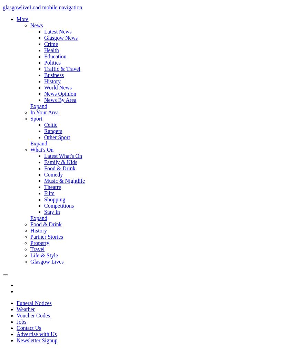  Describe the element at coordinates (49, 193) in the screenshot. I see `'Film'` at that location.